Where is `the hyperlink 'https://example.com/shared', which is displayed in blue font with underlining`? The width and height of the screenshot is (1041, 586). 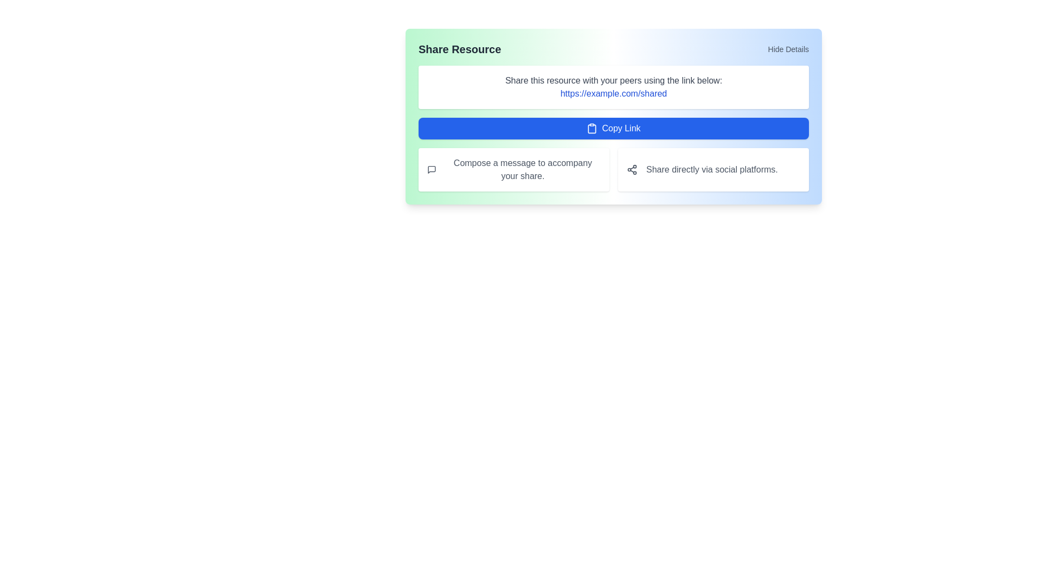
the hyperlink 'https://example.com/shared', which is displayed in blue font with underlining is located at coordinates (614, 93).